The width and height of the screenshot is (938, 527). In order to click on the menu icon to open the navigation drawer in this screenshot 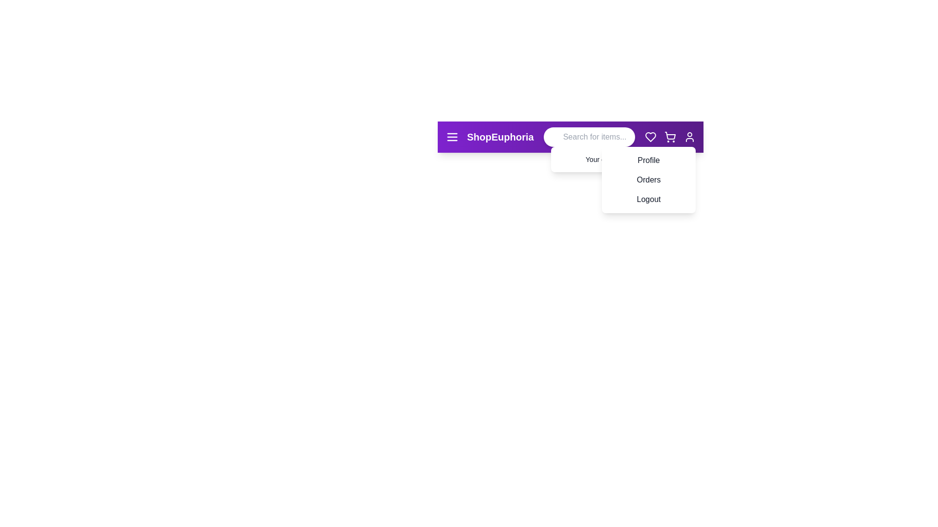, I will do `click(452, 137)`.